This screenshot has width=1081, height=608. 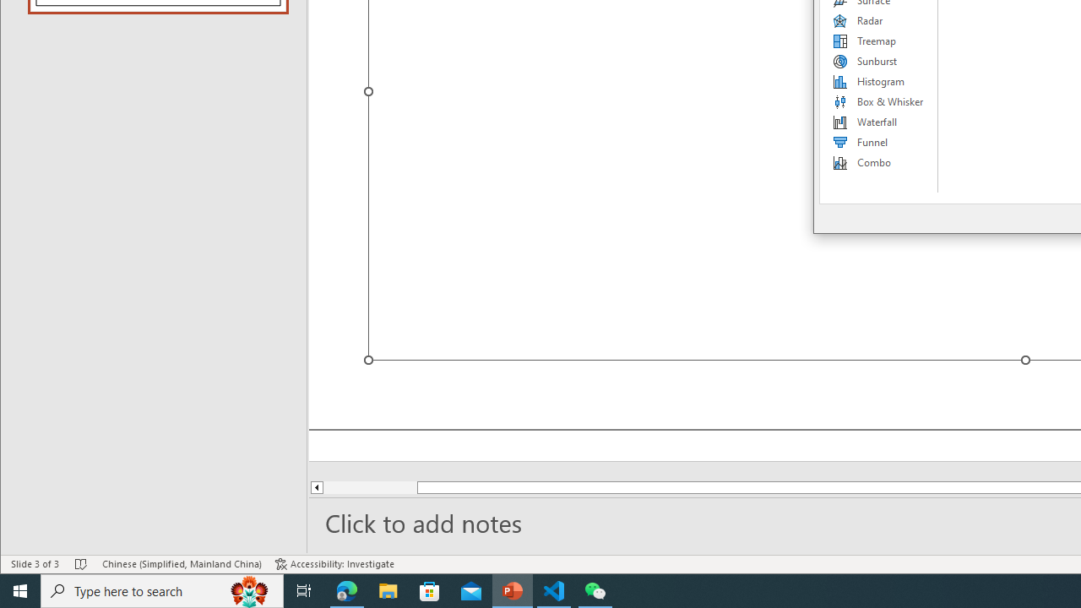 I want to click on 'Combo', so click(x=878, y=162).